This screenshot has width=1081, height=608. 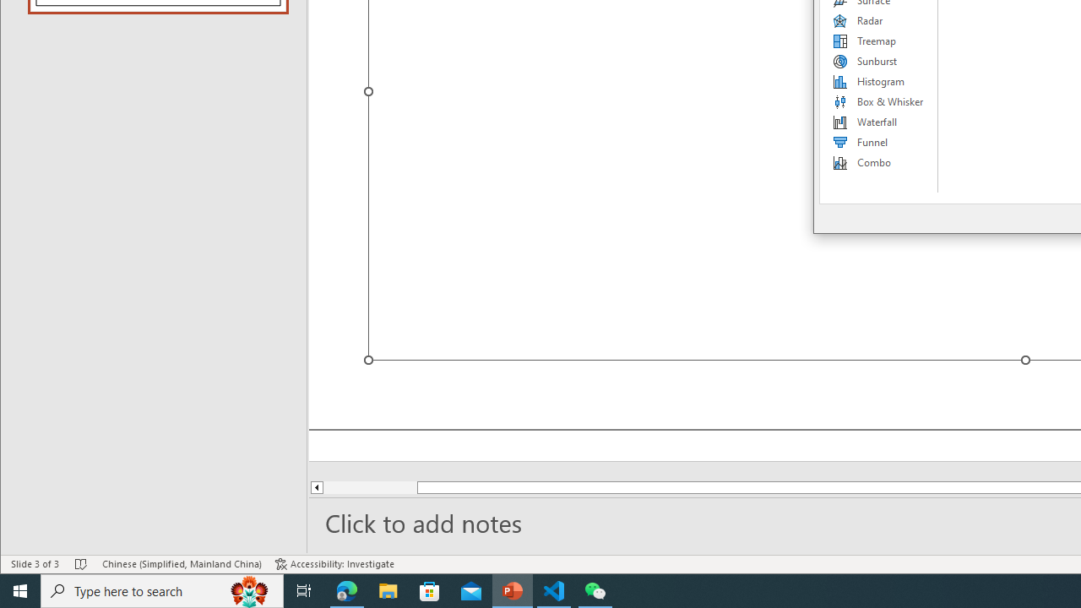 I want to click on 'Combo', so click(x=878, y=162).